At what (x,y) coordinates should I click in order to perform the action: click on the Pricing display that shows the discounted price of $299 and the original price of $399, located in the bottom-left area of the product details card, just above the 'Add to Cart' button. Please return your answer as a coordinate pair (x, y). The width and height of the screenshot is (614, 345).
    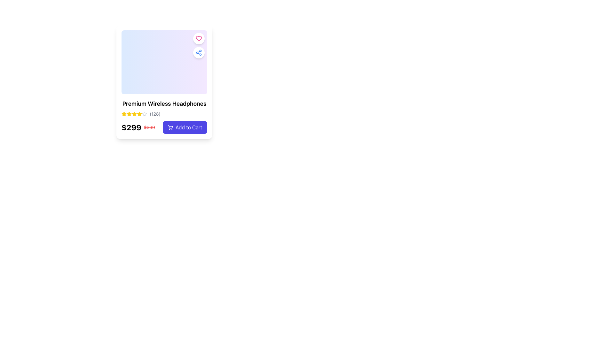
    Looking at the image, I should click on (138, 127).